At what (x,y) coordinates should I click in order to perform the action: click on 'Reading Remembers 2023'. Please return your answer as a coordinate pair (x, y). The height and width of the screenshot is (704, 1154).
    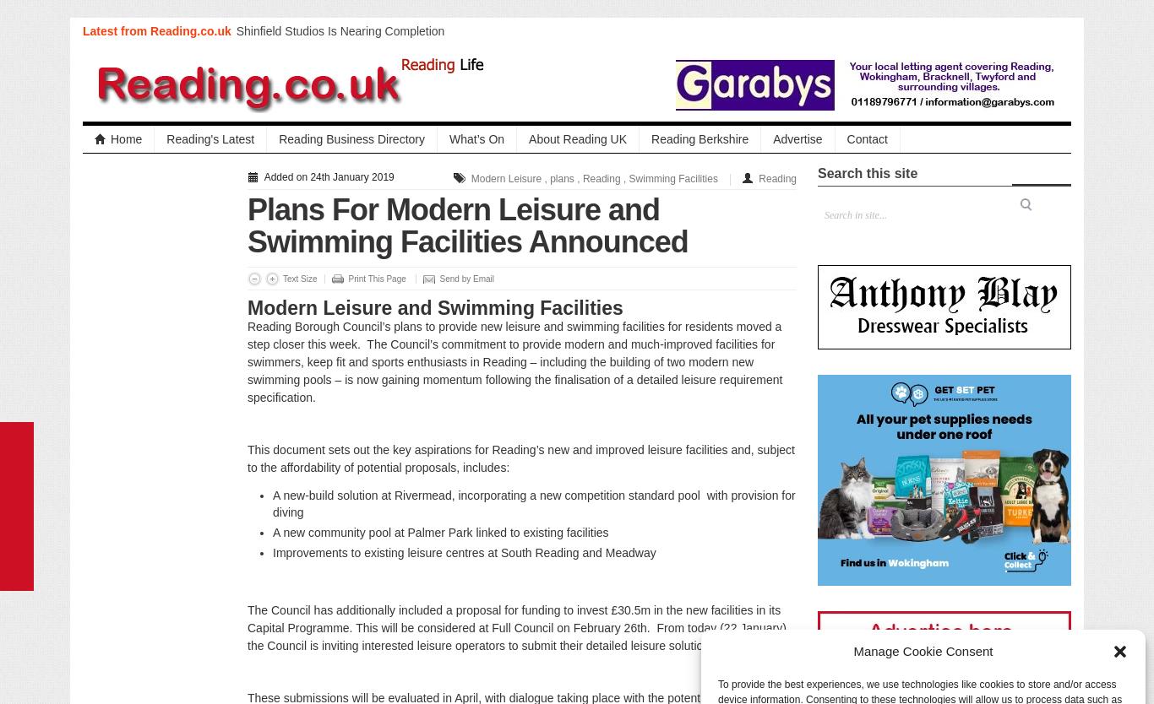
    Looking at the image, I should click on (305, 115).